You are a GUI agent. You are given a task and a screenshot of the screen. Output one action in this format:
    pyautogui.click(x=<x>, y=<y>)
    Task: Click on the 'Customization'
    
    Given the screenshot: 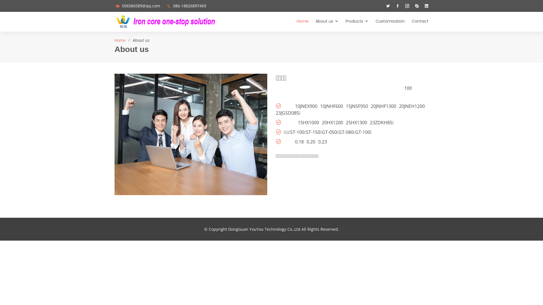 What is the action you would take?
    pyautogui.click(x=368, y=21)
    